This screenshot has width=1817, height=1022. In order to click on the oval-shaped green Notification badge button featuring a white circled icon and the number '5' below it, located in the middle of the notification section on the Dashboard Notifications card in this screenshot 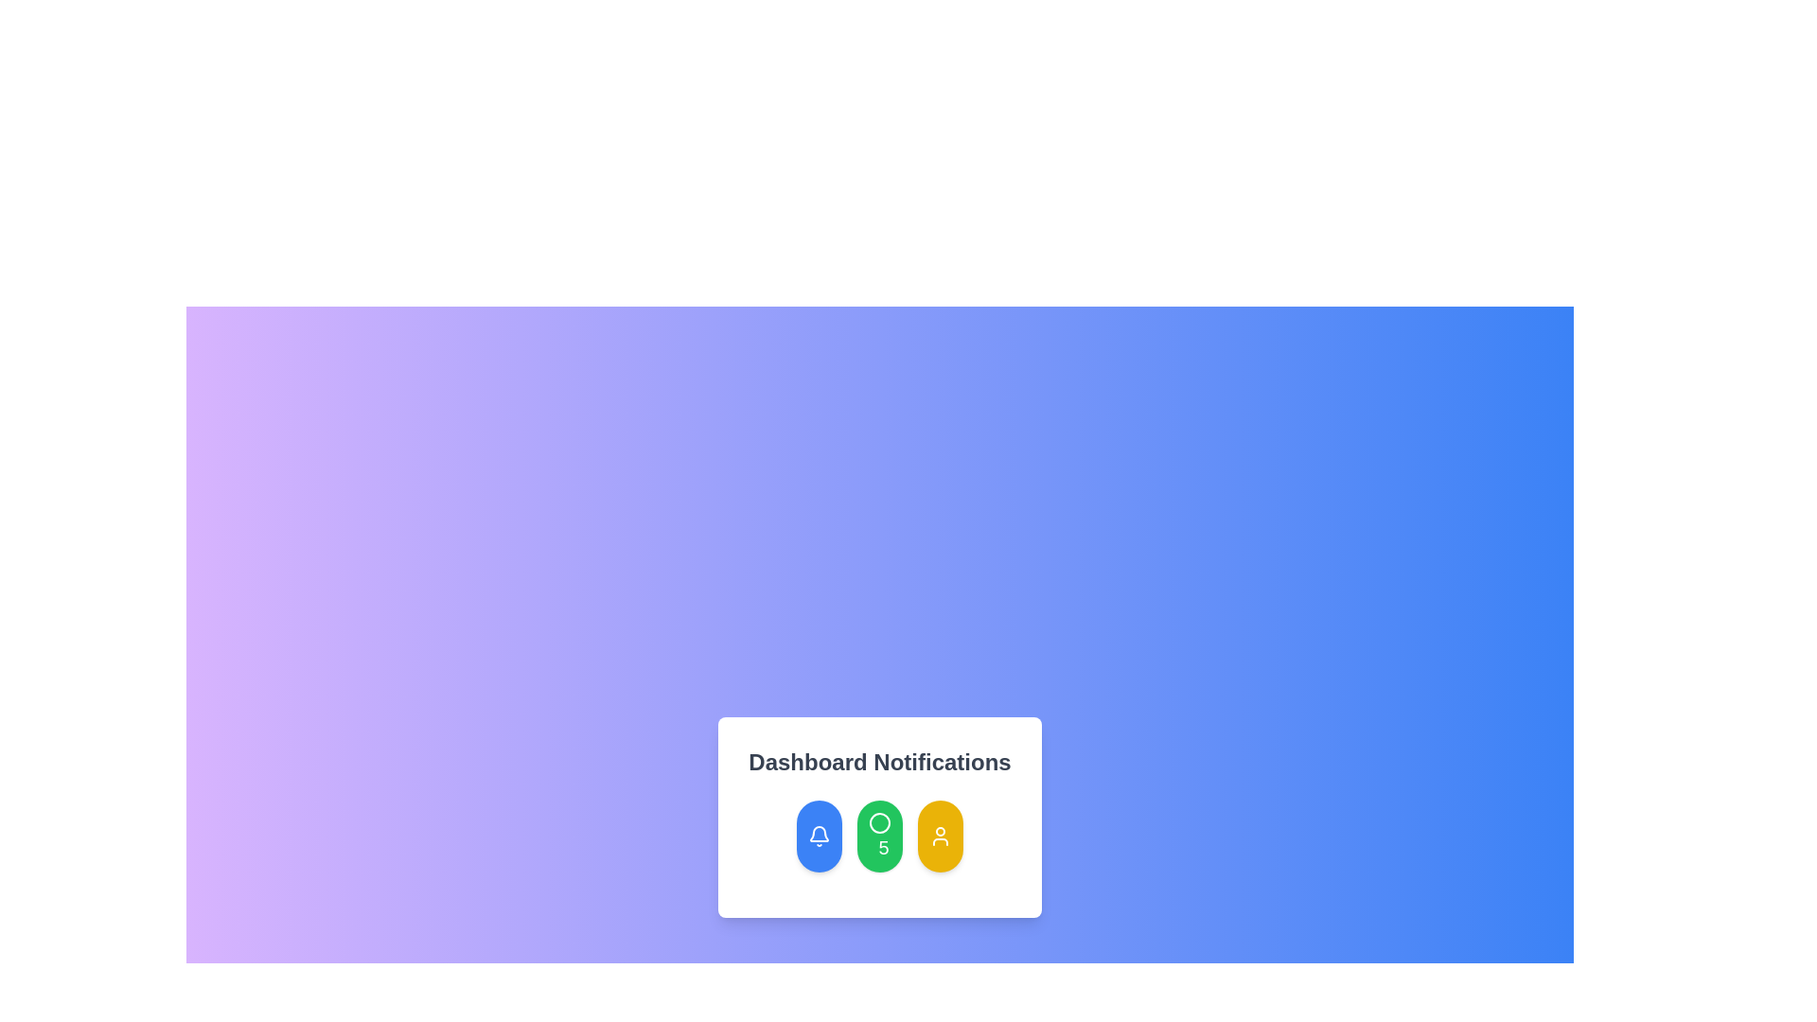, I will do `click(879, 835)`.